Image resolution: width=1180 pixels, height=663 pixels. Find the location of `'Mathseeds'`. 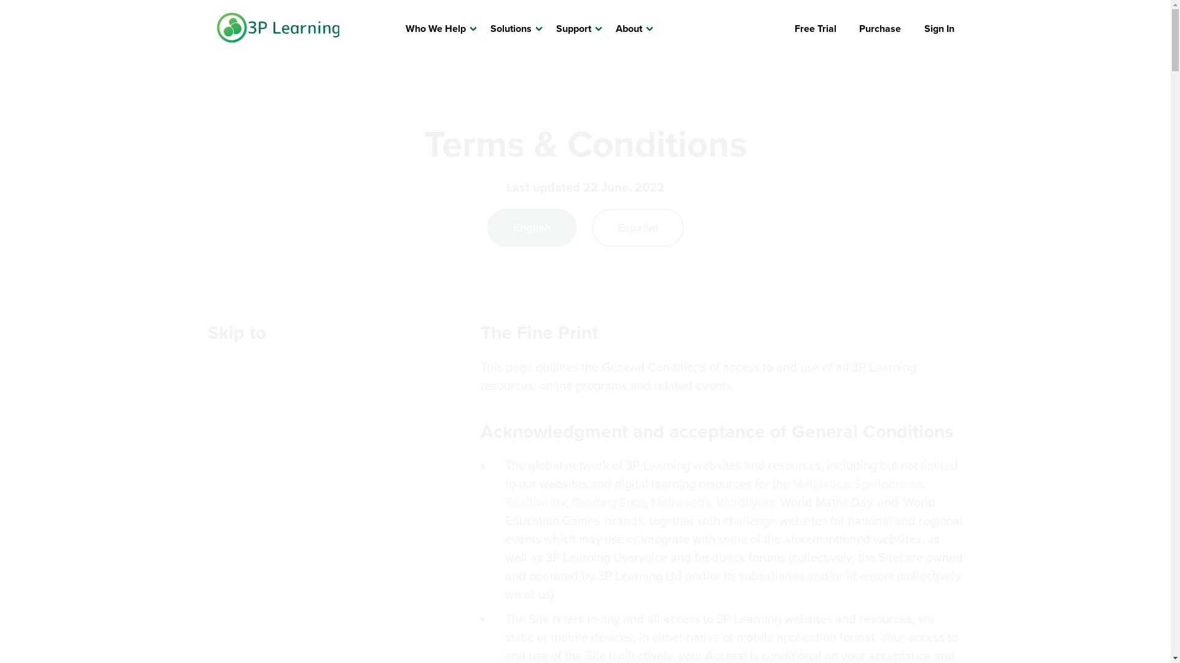

'Mathseeds' is located at coordinates (680, 502).